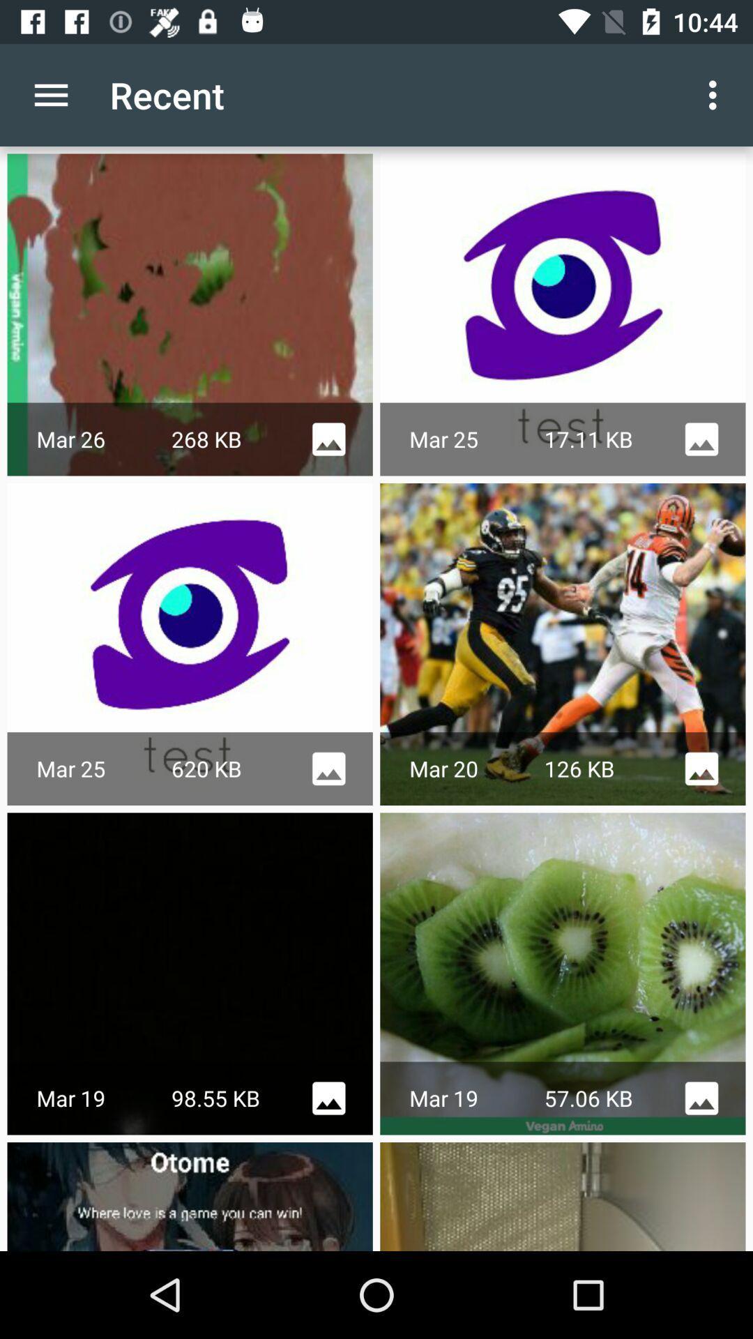 The image size is (753, 1339). Describe the element at coordinates (716, 94) in the screenshot. I see `the item to the right of the recent item` at that location.